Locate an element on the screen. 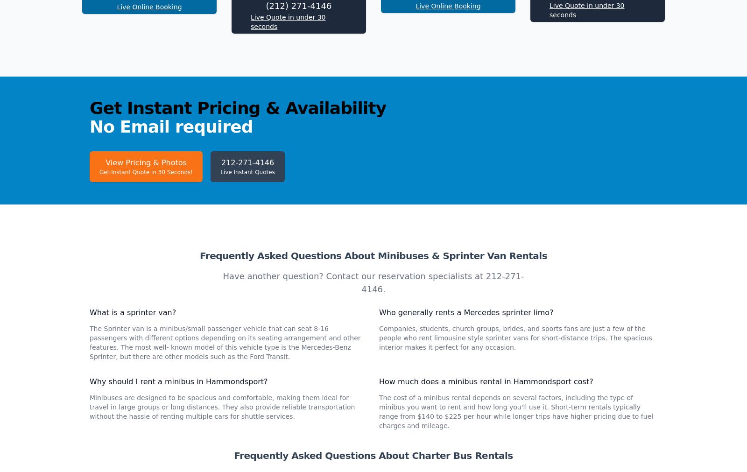 The width and height of the screenshot is (747, 472). 'Get Instant Quote in 30 Seconds!' is located at coordinates (146, 296).